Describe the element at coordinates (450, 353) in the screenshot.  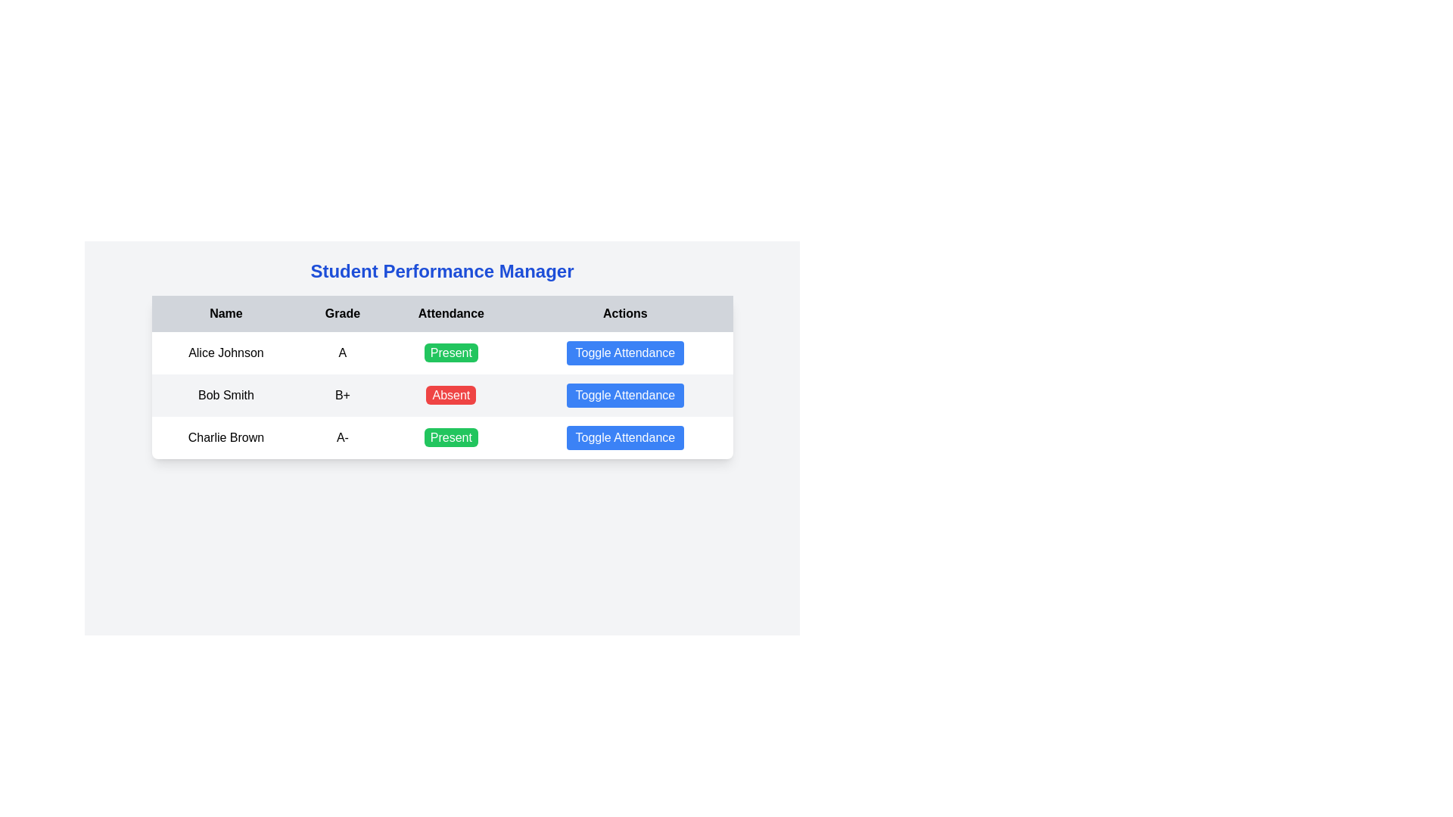
I see `the attendance status label for 'Alice Johnson' which indicates 'Present' in the Attendance column of the table` at that location.